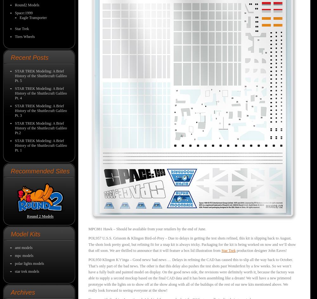  Describe the element at coordinates (41, 146) in the screenshot. I see `'STAR TREK Modeling: A Brief History of the Shuttlecraft Galileo Pt. 1'` at that location.